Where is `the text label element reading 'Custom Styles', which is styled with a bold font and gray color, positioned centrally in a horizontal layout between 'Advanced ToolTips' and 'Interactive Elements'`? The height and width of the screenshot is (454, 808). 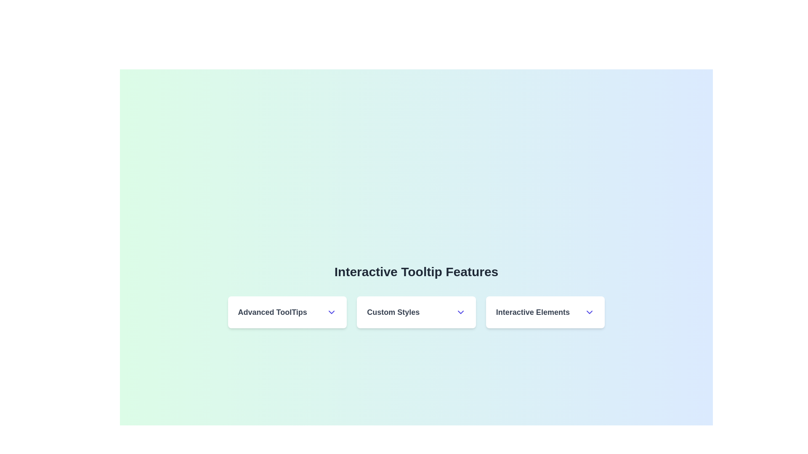 the text label element reading 'Custom Styles', which is styled with a bold font and gray color, positioned centrally in a horizontal layout between 'Advanced ToolTips' and 'Interactive Elements' is located at coordinates (393, 312).